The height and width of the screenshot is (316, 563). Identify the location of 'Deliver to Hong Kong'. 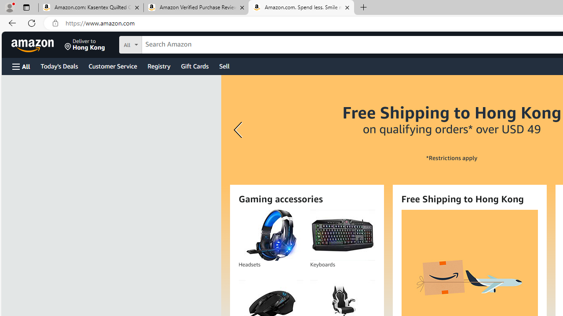
(85, 44).